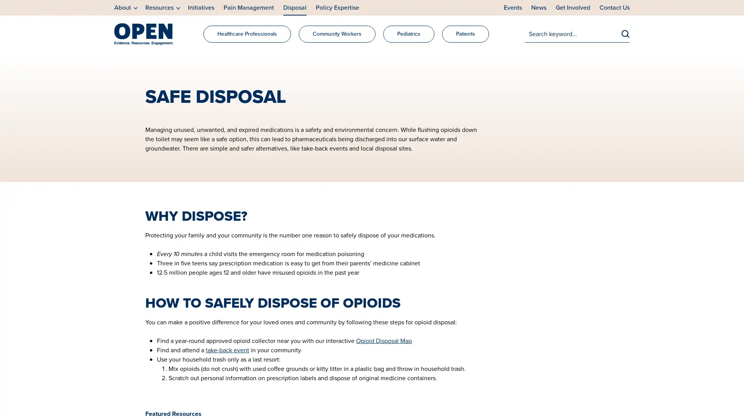 This screenshot has width=744, height=419. What do you see at coordinates (162, 8) in the screenshot?
I see `Resources` at bounding box center [162, 8].